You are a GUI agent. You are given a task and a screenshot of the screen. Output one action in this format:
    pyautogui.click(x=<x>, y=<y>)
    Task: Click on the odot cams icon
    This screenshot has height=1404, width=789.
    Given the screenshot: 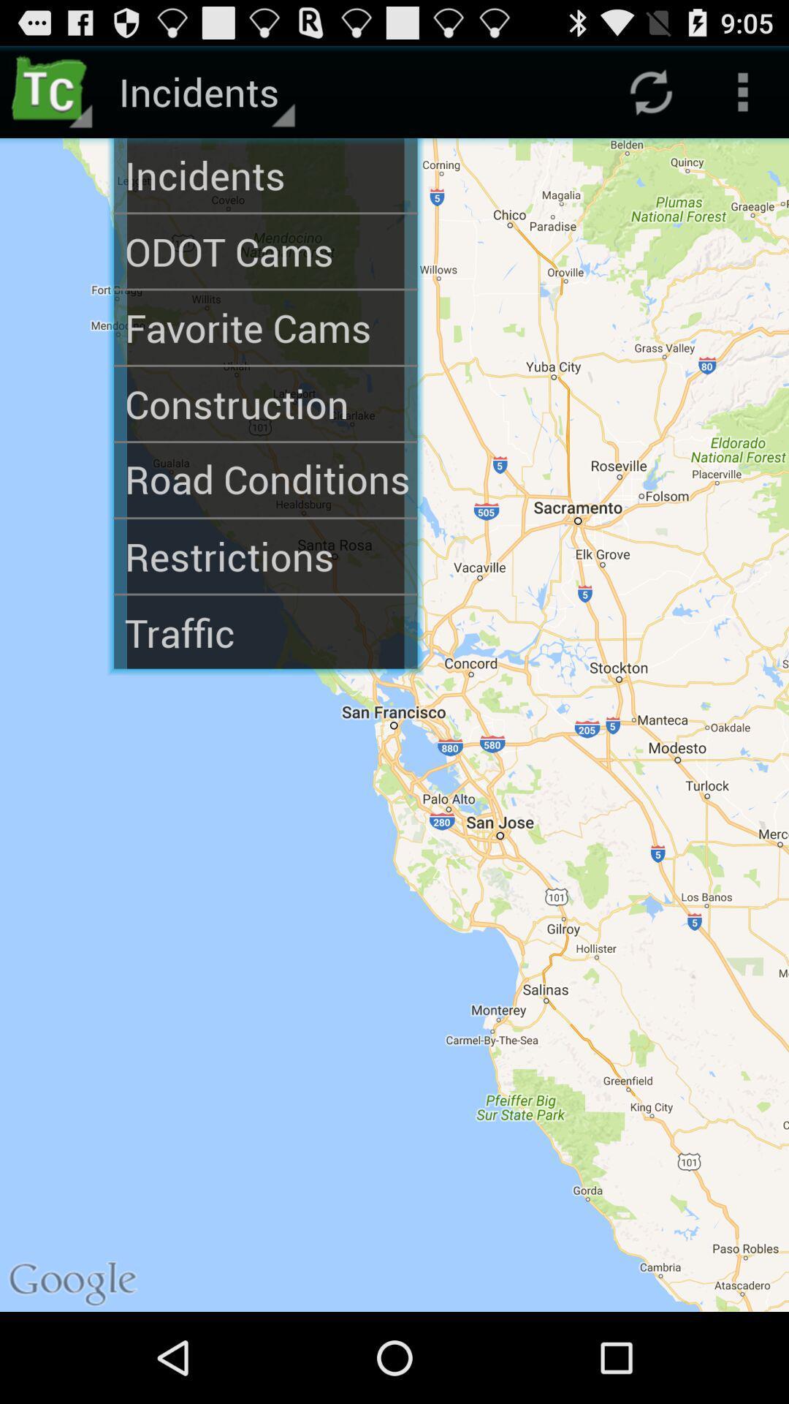 What is the action you would take?
    pyautogui.click(x=265, y=251)
    